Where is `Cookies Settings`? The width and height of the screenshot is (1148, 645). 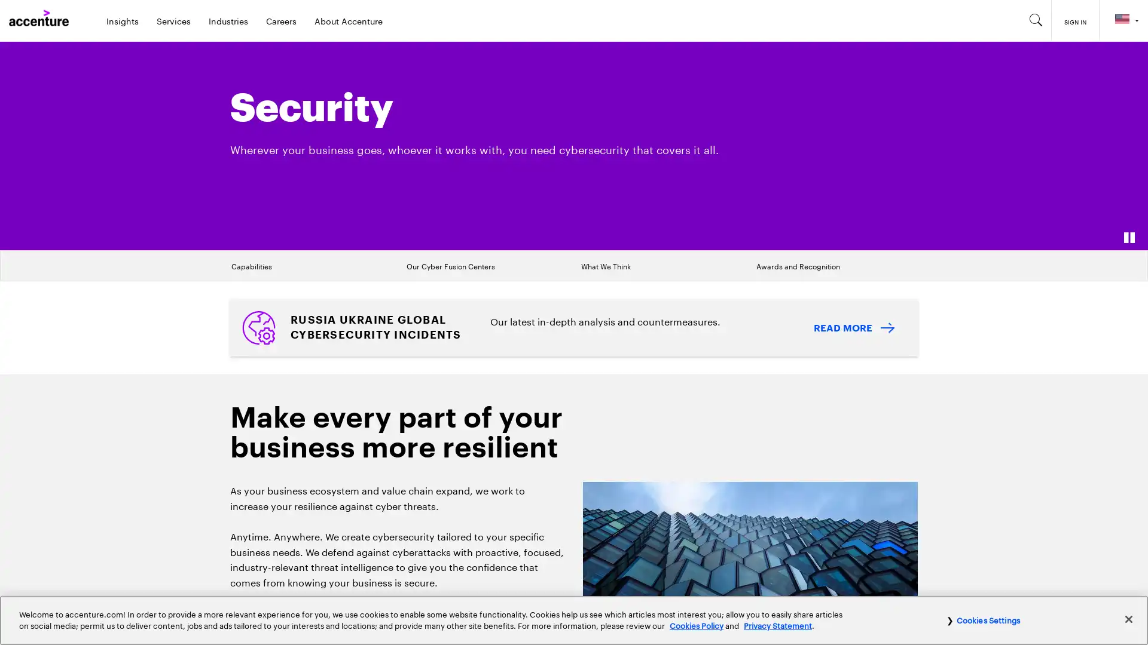 Cookies Settings is located at coordinates (983, 619).